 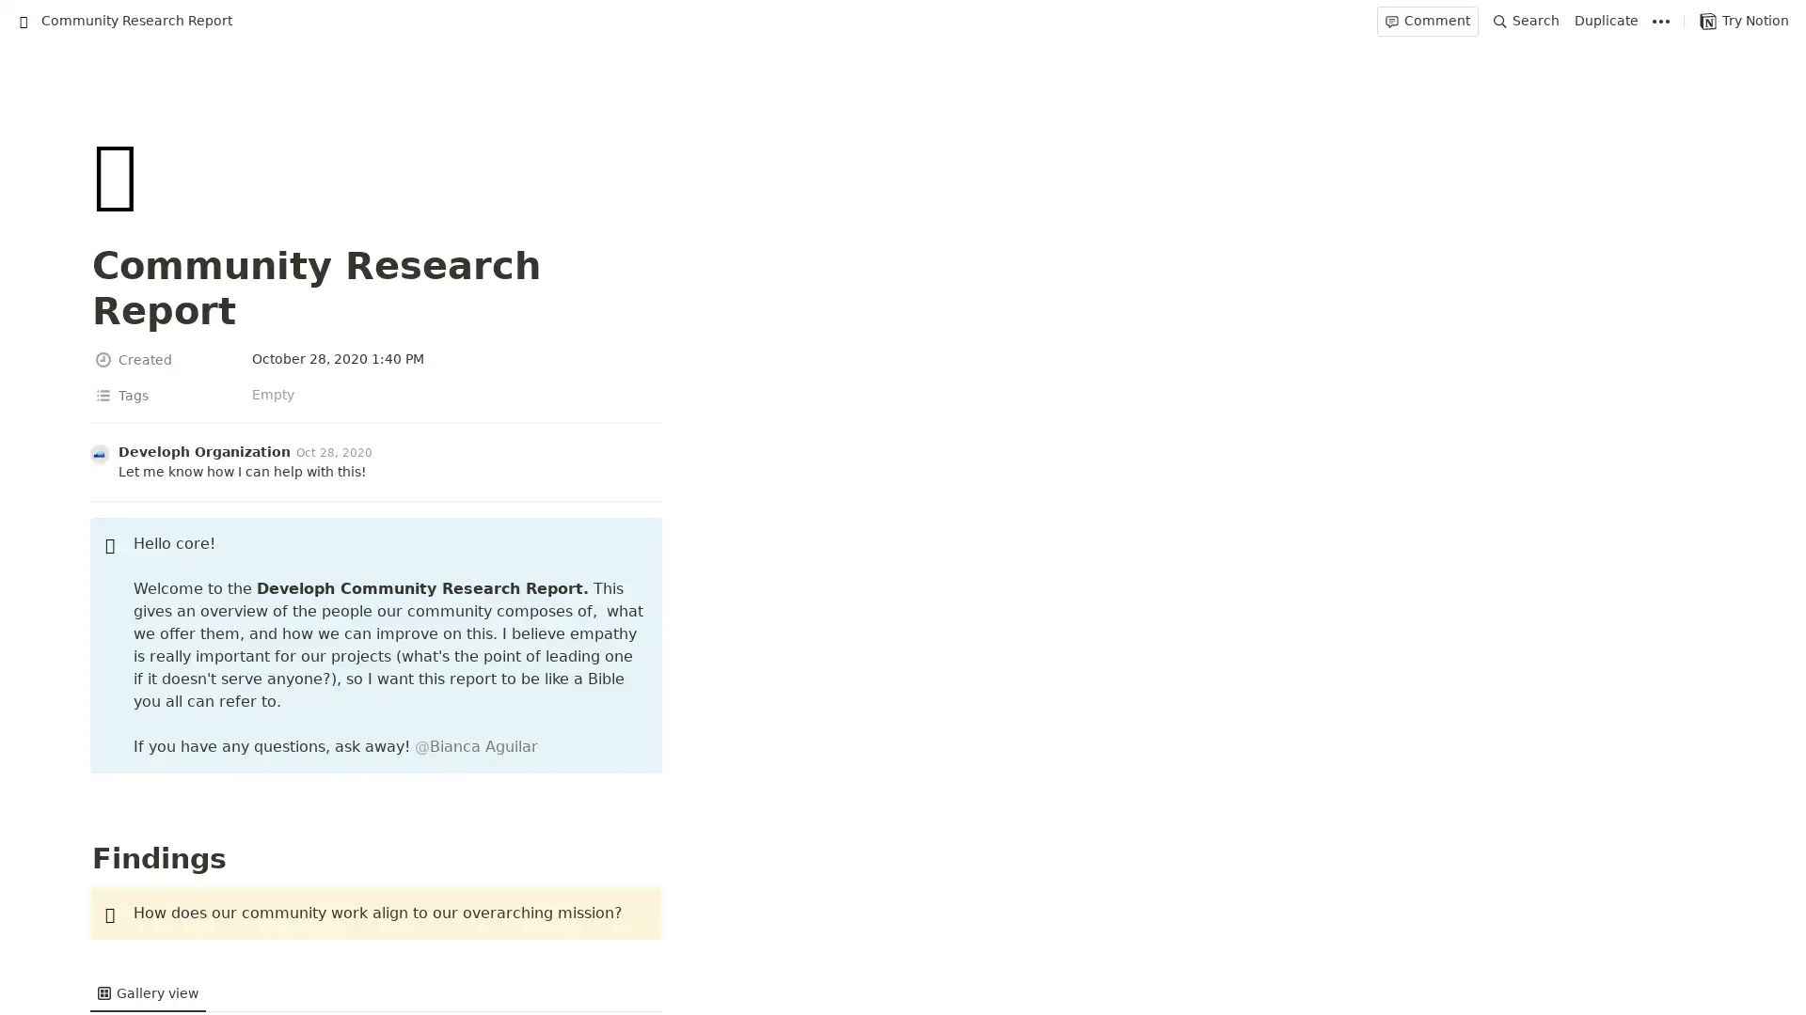 What do you see at coordinates (978, 351) in the screenshot?
I see `Empty` at bounding box center [978, 351].